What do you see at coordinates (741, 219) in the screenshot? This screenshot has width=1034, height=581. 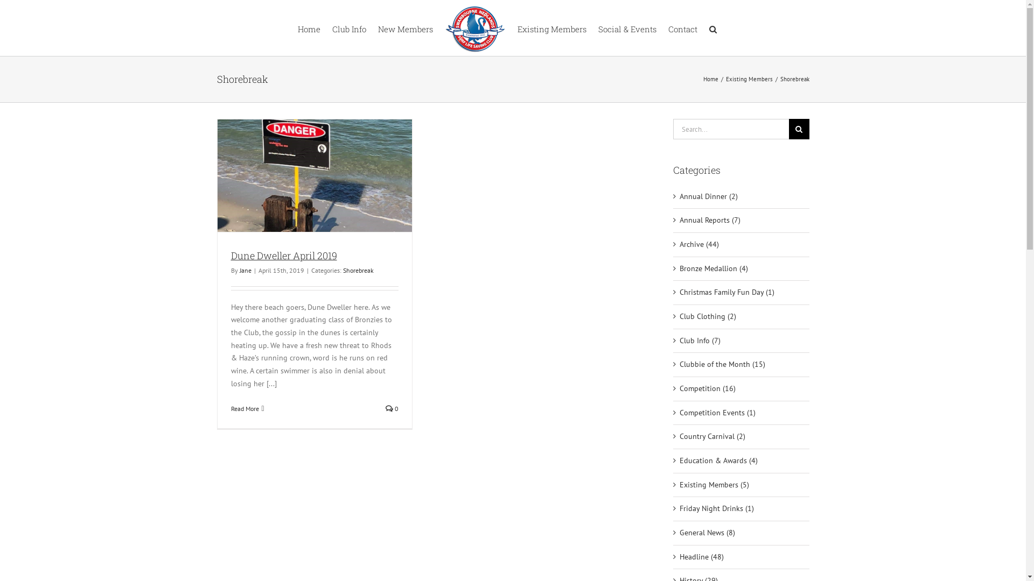 I see `'Annual Reports (7)'` at bounding box center [741, 219].